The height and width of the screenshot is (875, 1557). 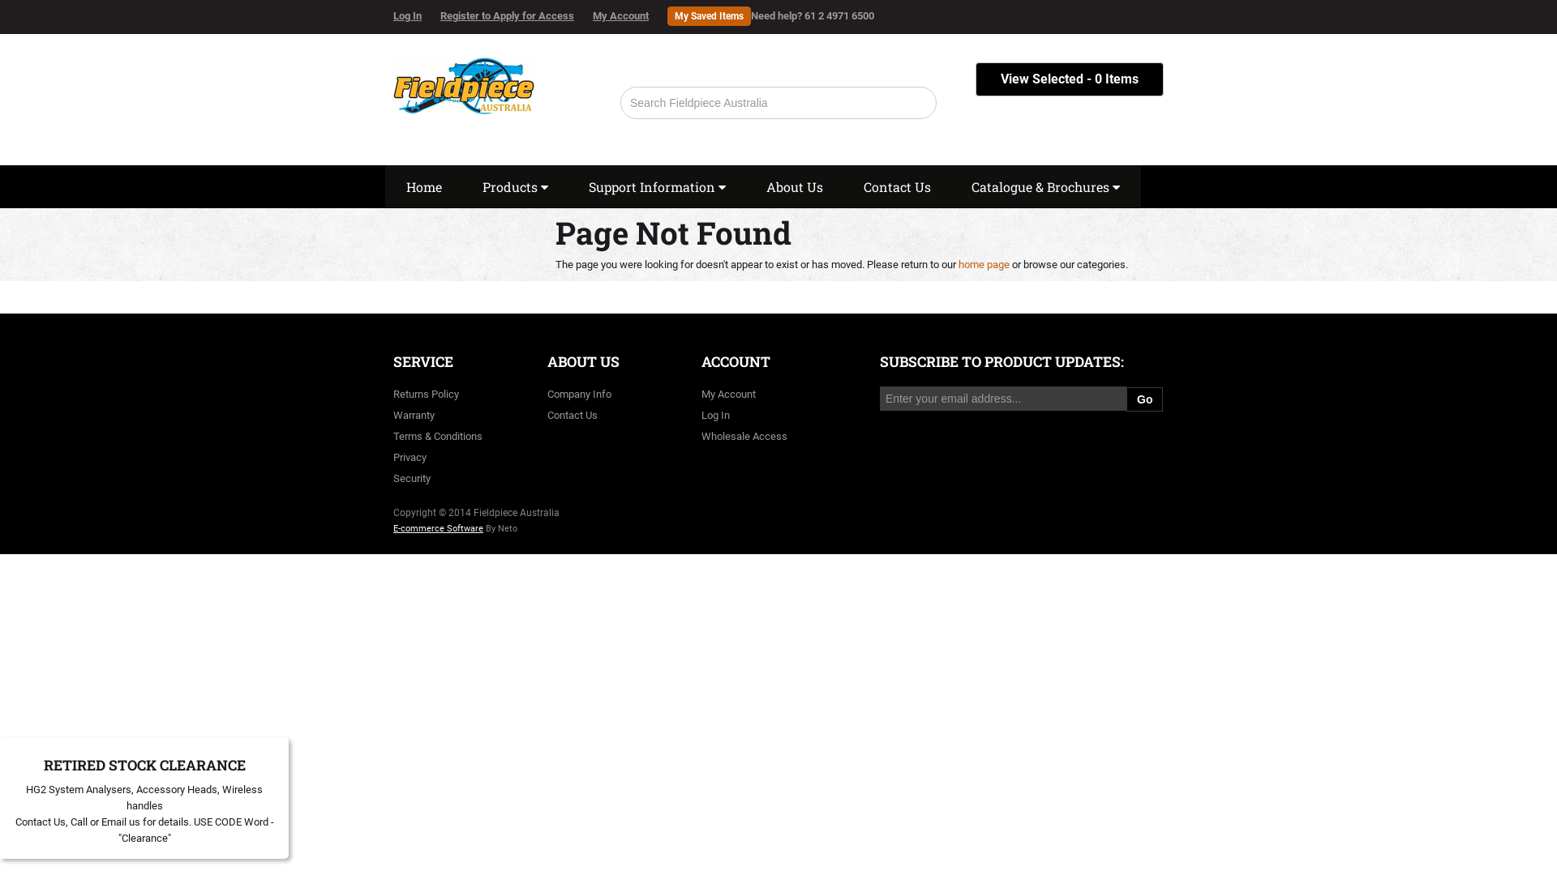 What do you see at coordinates (415, 15) in the screenshot?
I see `'Log In'` at bounding box center [415, 15].